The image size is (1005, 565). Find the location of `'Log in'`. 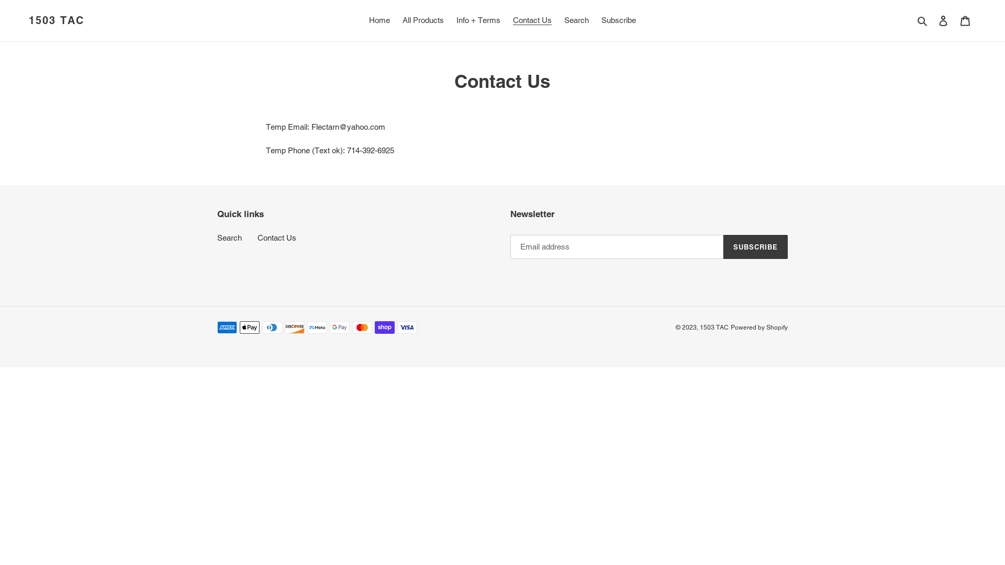

'Log in' is located at coordinates (932, 20).